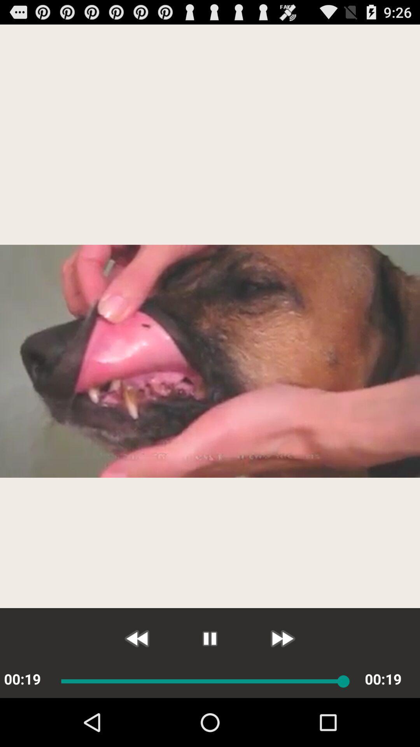  Describe the element at coordinates (209, 683) in the screenshot. I see `the pause icon` at that location.